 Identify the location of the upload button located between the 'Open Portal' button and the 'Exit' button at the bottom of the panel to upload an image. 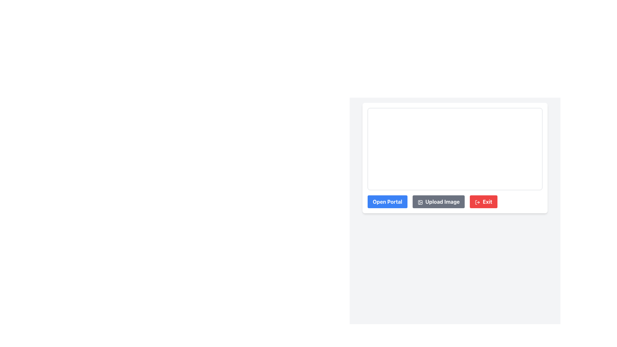
(438, 201).